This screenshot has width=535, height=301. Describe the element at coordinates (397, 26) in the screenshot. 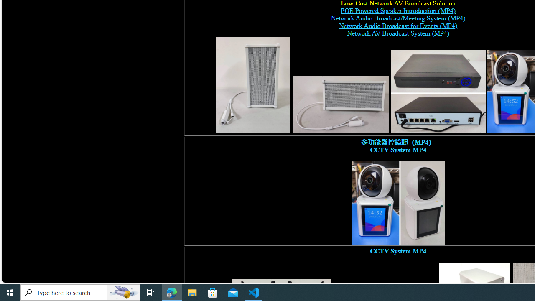

I see `'Network Audio Broadcast for Events (MP4) '` at that location.